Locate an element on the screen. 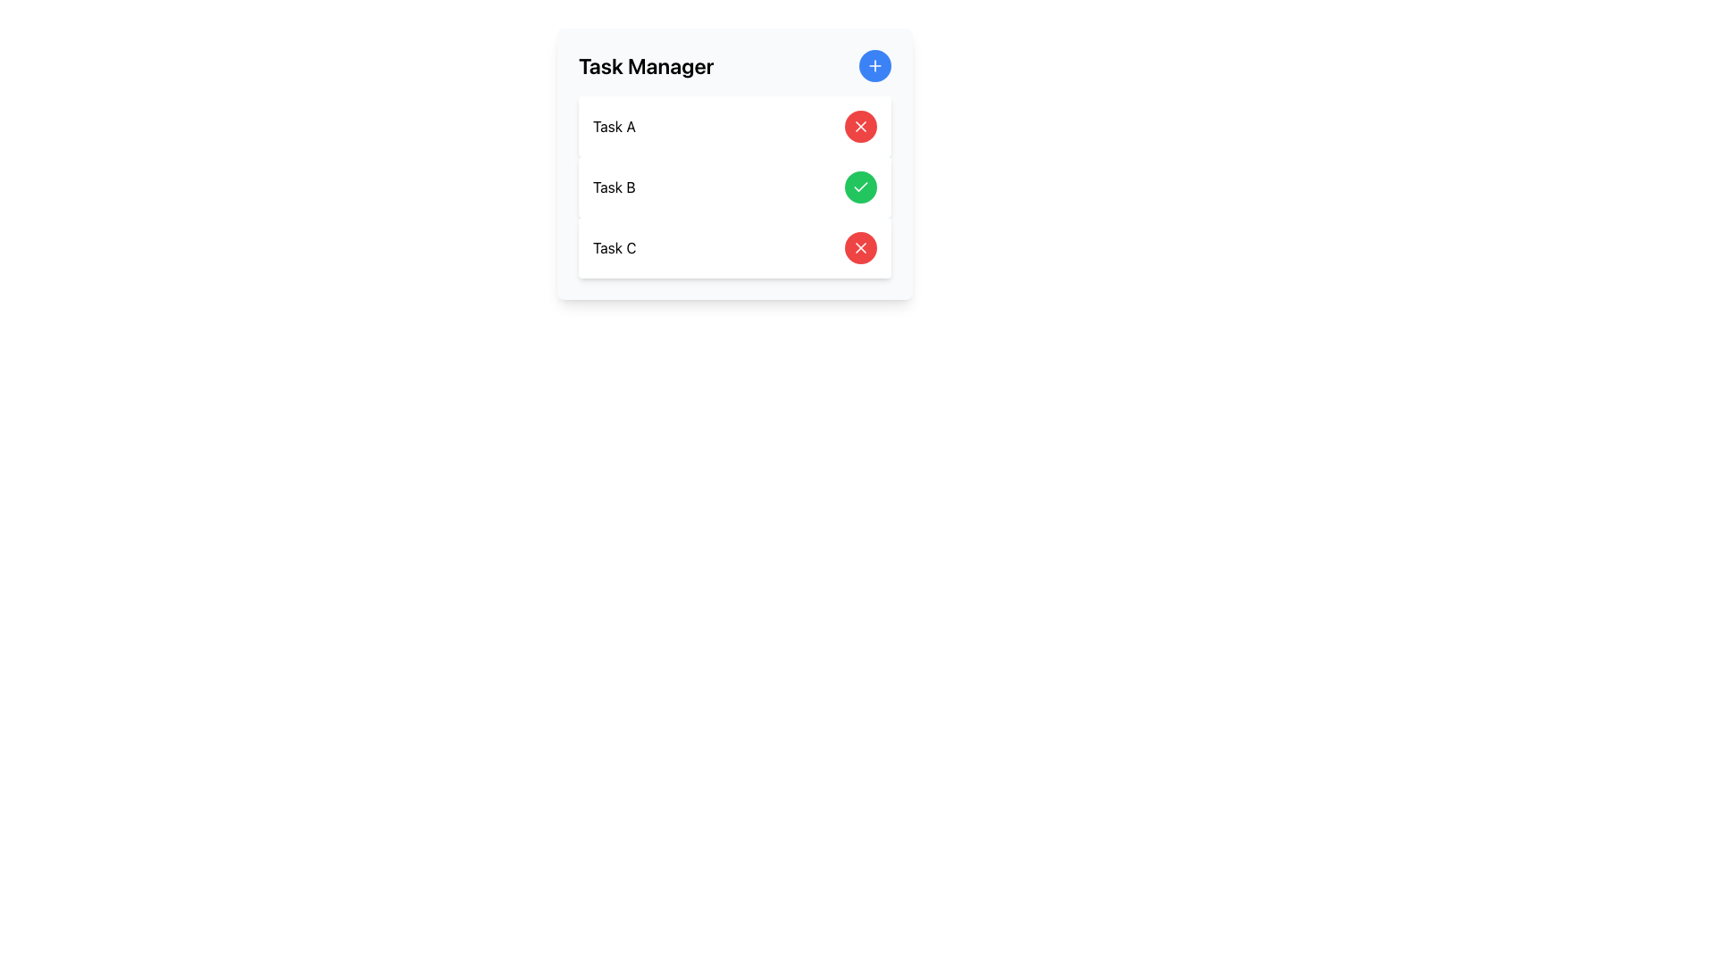 The height and width of the screenshot is (964, 1715). the text label that identifies 'Task C' in the task list, which is located in the third row of a card, below 'Task A' and 'Task B' is located at coordinates (615, 247).